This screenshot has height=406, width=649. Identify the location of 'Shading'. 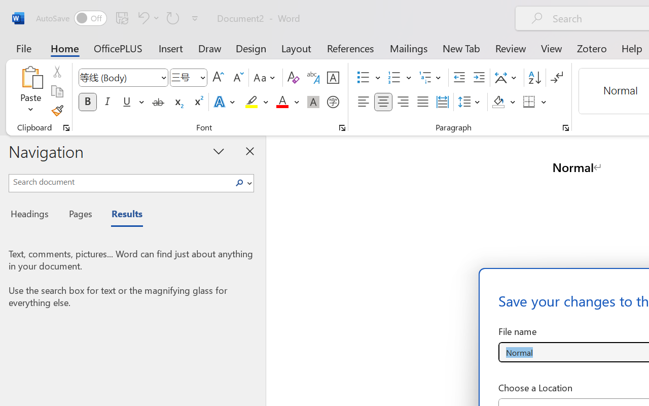
(503, 102).